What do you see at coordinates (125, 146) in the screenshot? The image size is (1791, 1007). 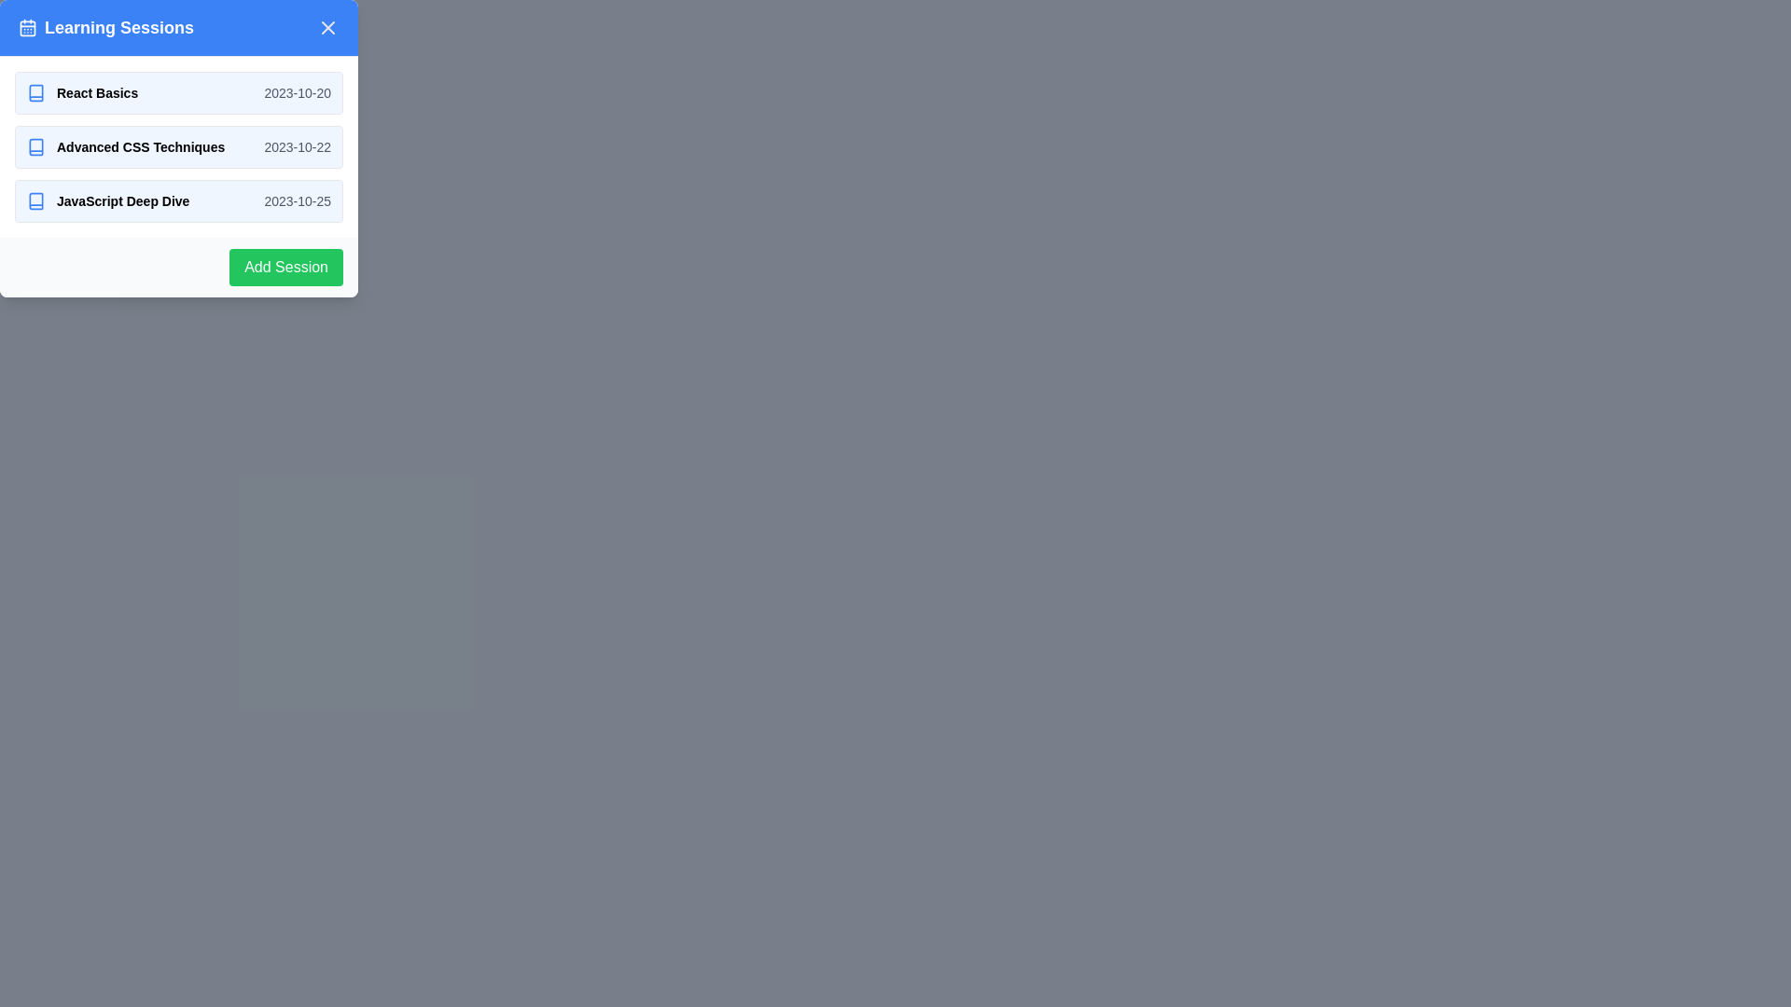 I see `the list item representing the learning session titled 'Advanced CSS Techniques'` at bounding box center [125, 146].